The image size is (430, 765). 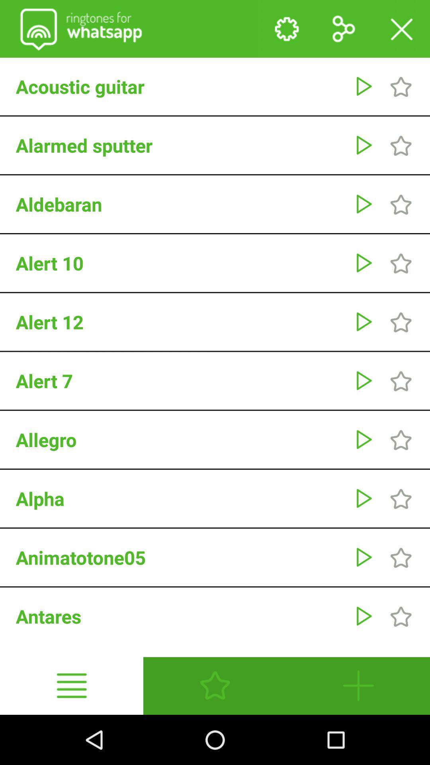 What do you see at coordinates (181, 557) in the screenshot?
I see `animatotone05 app` at bounding box center [181, 557].